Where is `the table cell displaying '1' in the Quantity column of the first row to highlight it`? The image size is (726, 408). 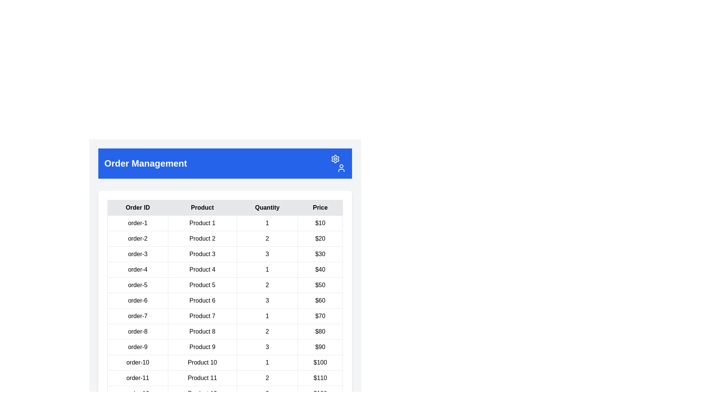 the table cell displaying '1' in the Quantity column of the first row to highlight it is located at coordinates (267, 223).